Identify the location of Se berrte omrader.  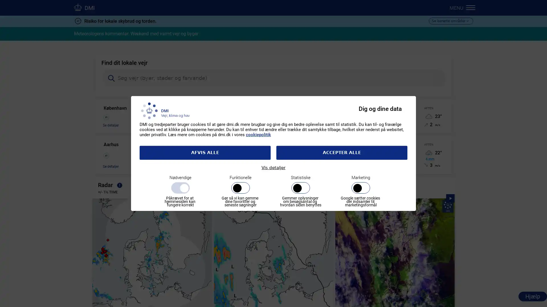
(450, 20).